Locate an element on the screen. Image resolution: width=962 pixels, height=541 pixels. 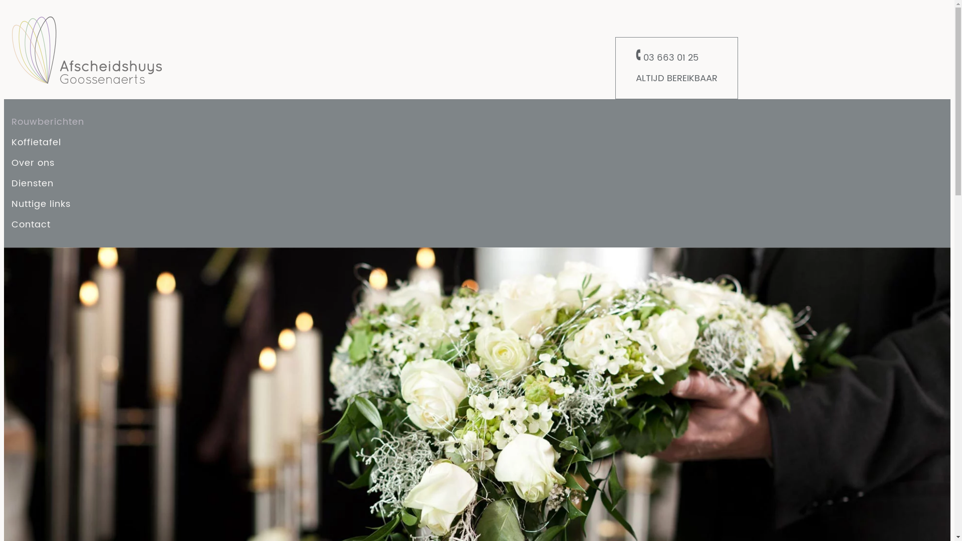
'Contact' is located at coordinates (12, 224).